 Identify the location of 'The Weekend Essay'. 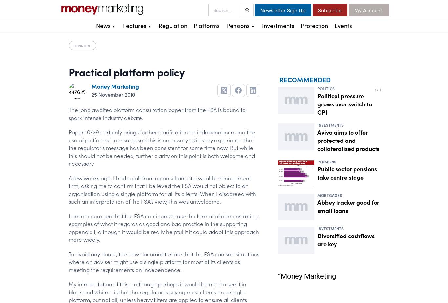
(146, 82).